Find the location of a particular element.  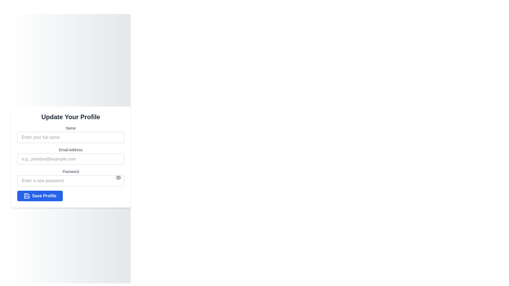

the save profile icon located at the leftmost part of the 'Save Profile' button in the 'Update Your Profile' form is located at coordinates (26, 196).